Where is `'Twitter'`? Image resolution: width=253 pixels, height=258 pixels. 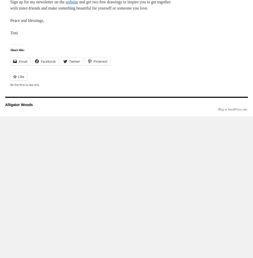 'Twitter' is located at coordinates (75, 61).